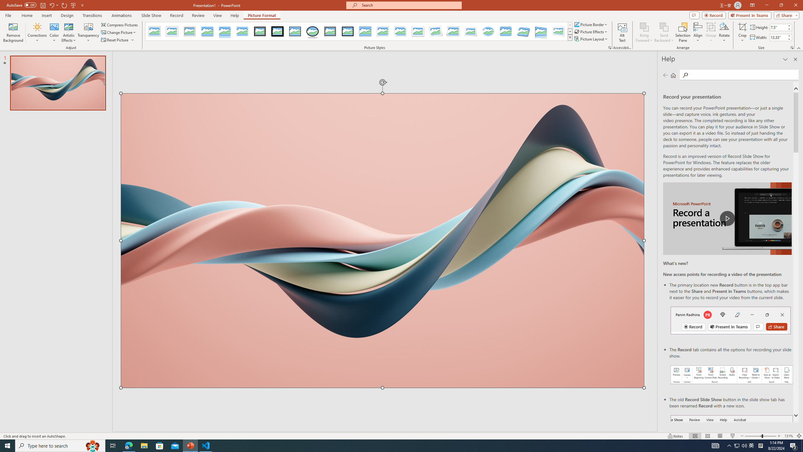  Describe the element at coordinates (683, 32) in the screenshot. I see `'Selection Pane...'` at that location.